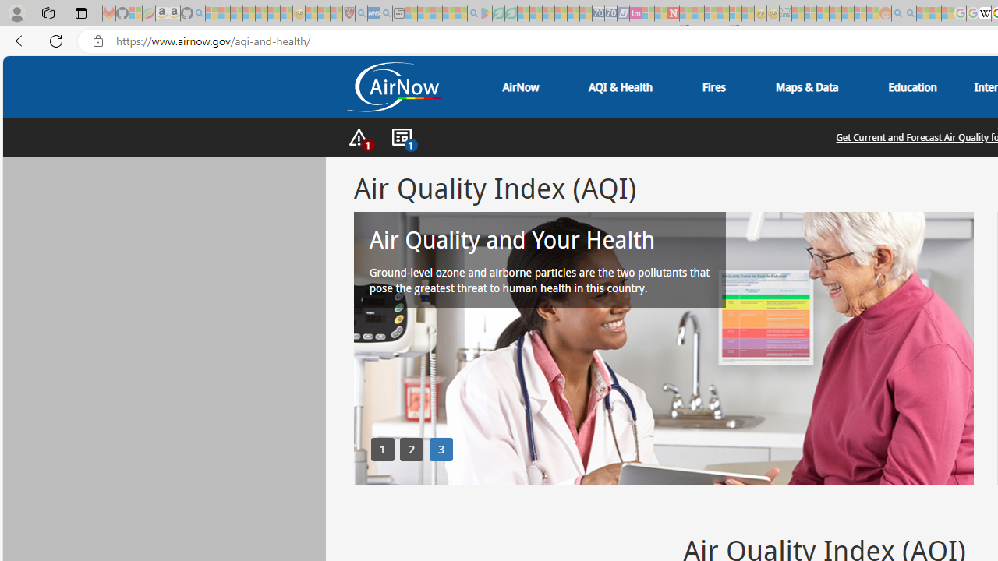  I want to click on 'Air Now Logo', so click(393, 86).